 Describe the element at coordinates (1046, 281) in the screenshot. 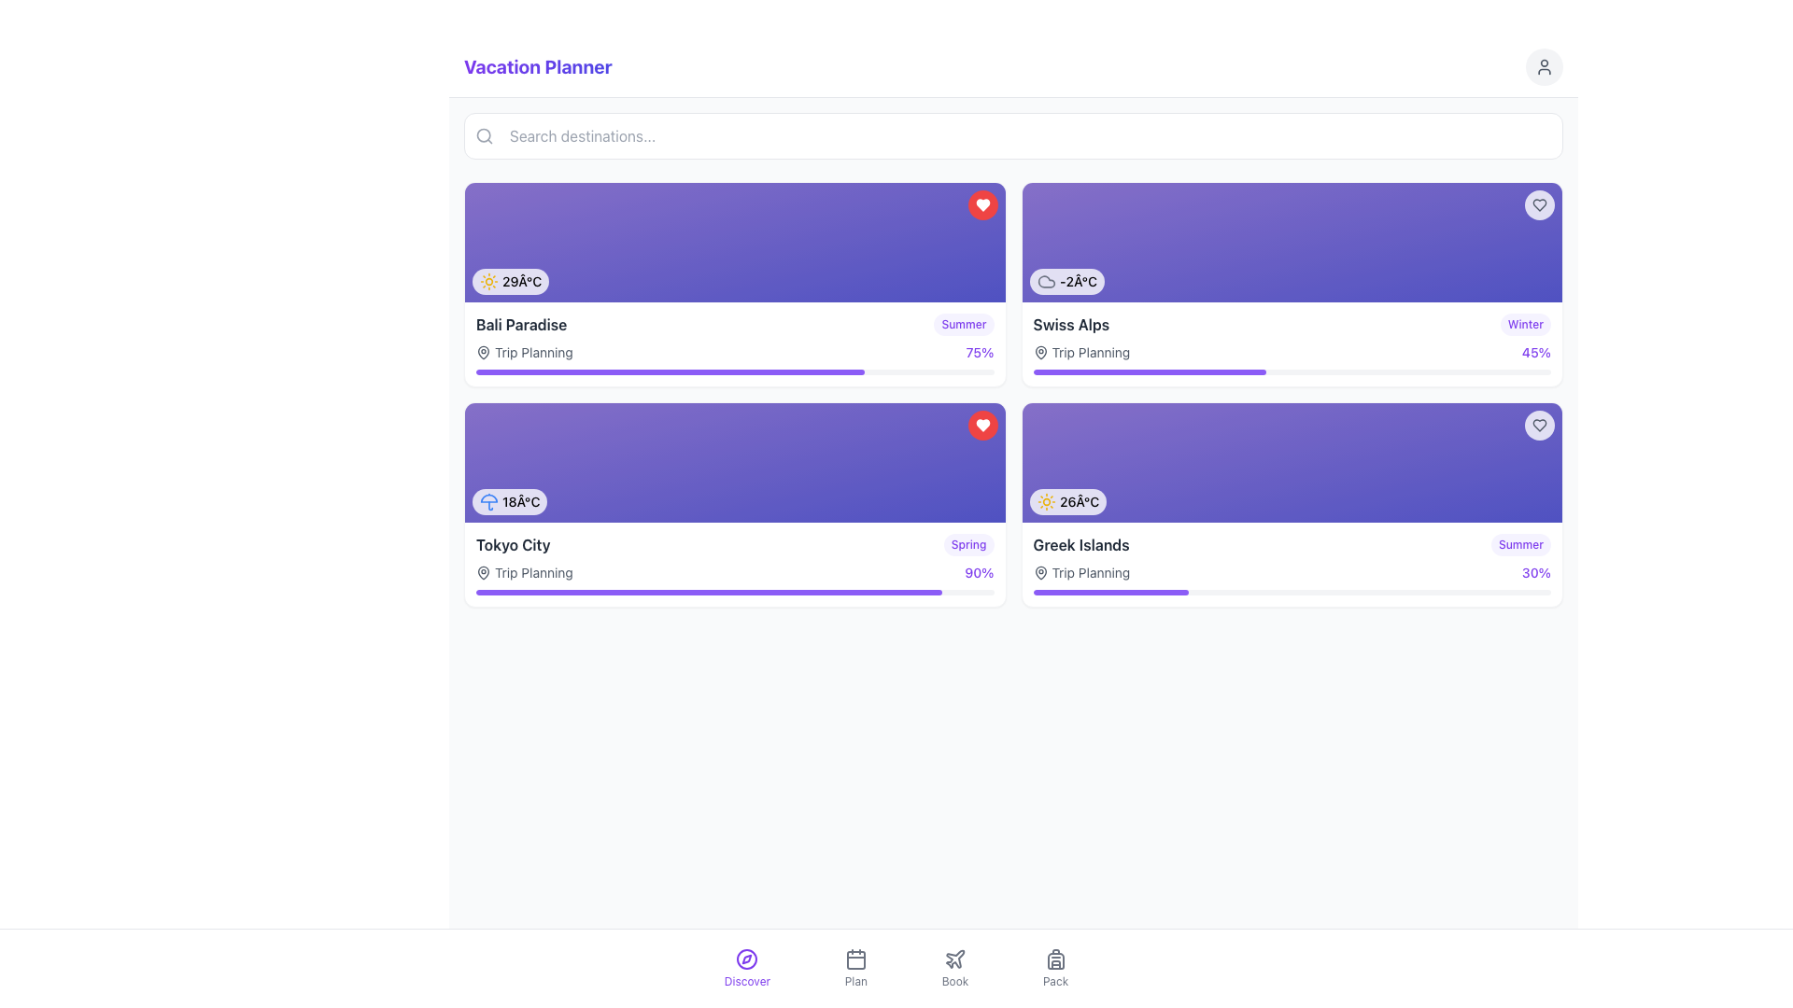

I see `the cloud-shaped graphical icon with a stroke outline style located near the center of the rightmost card in the second section of the main content area` at that location.